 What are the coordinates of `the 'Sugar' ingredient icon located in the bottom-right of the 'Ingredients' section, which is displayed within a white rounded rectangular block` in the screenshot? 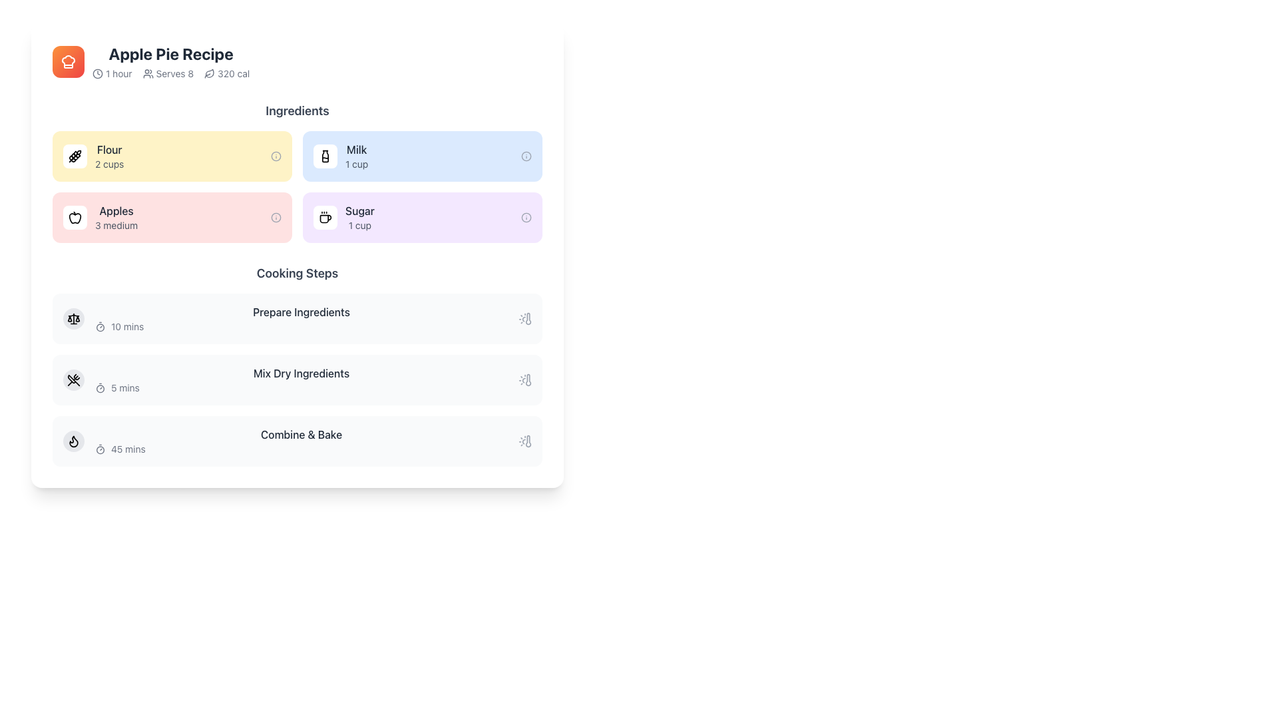 It's located at (325, 217).